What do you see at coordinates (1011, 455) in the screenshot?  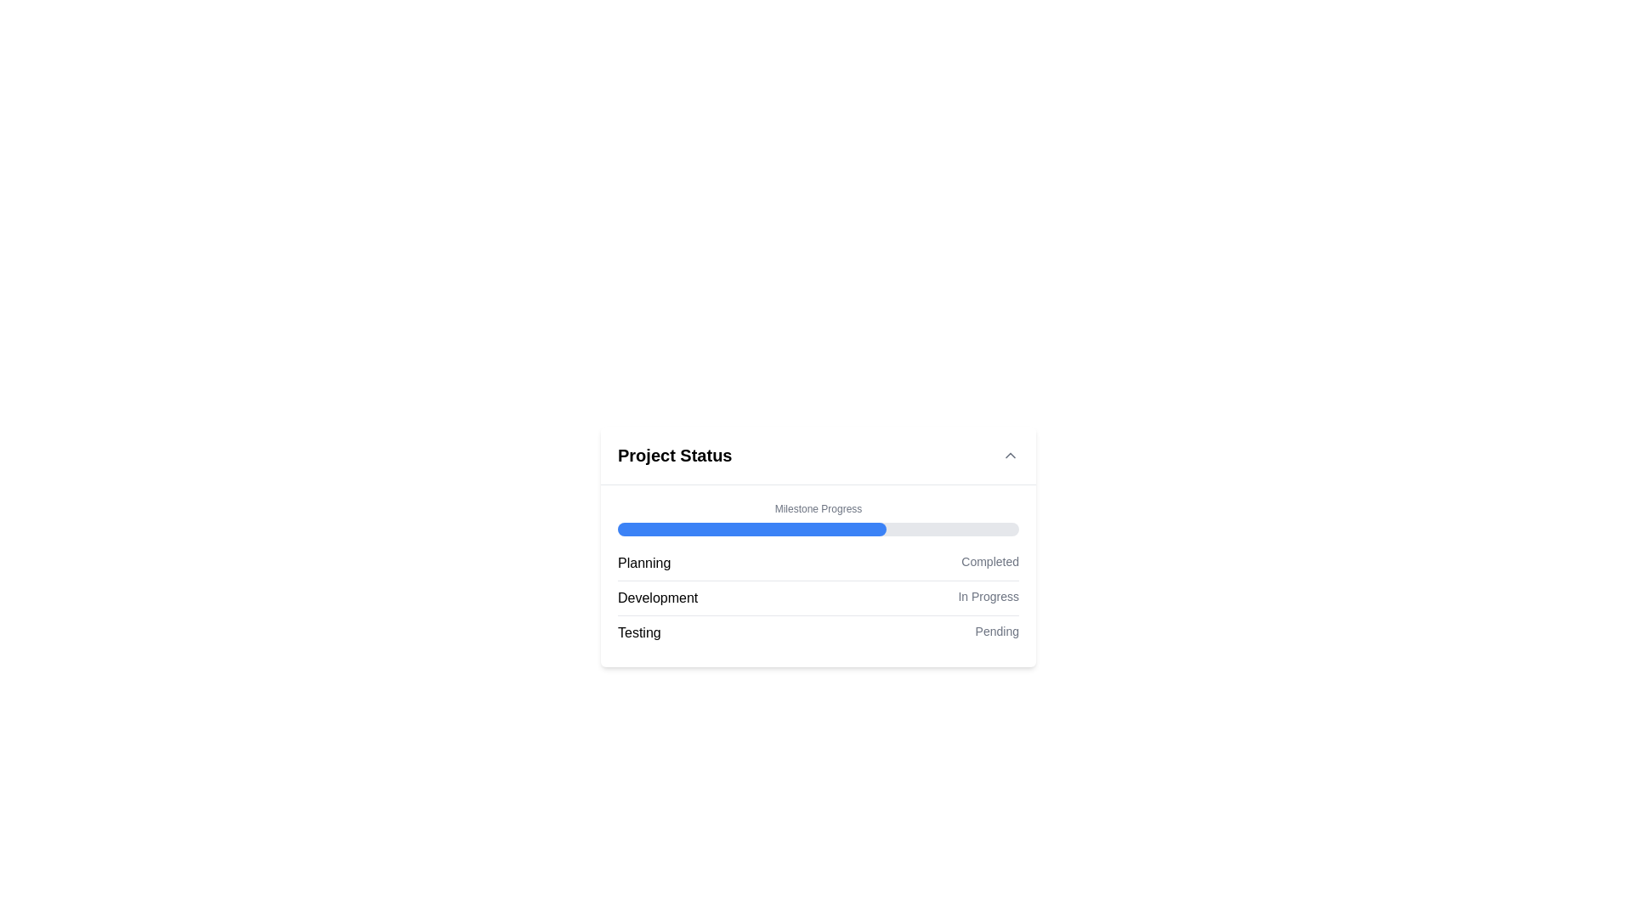 I see `the upward-pointing arrow icon button located in the top-right corner of the 'Project Status' section` at bounding box center [1011, 455].